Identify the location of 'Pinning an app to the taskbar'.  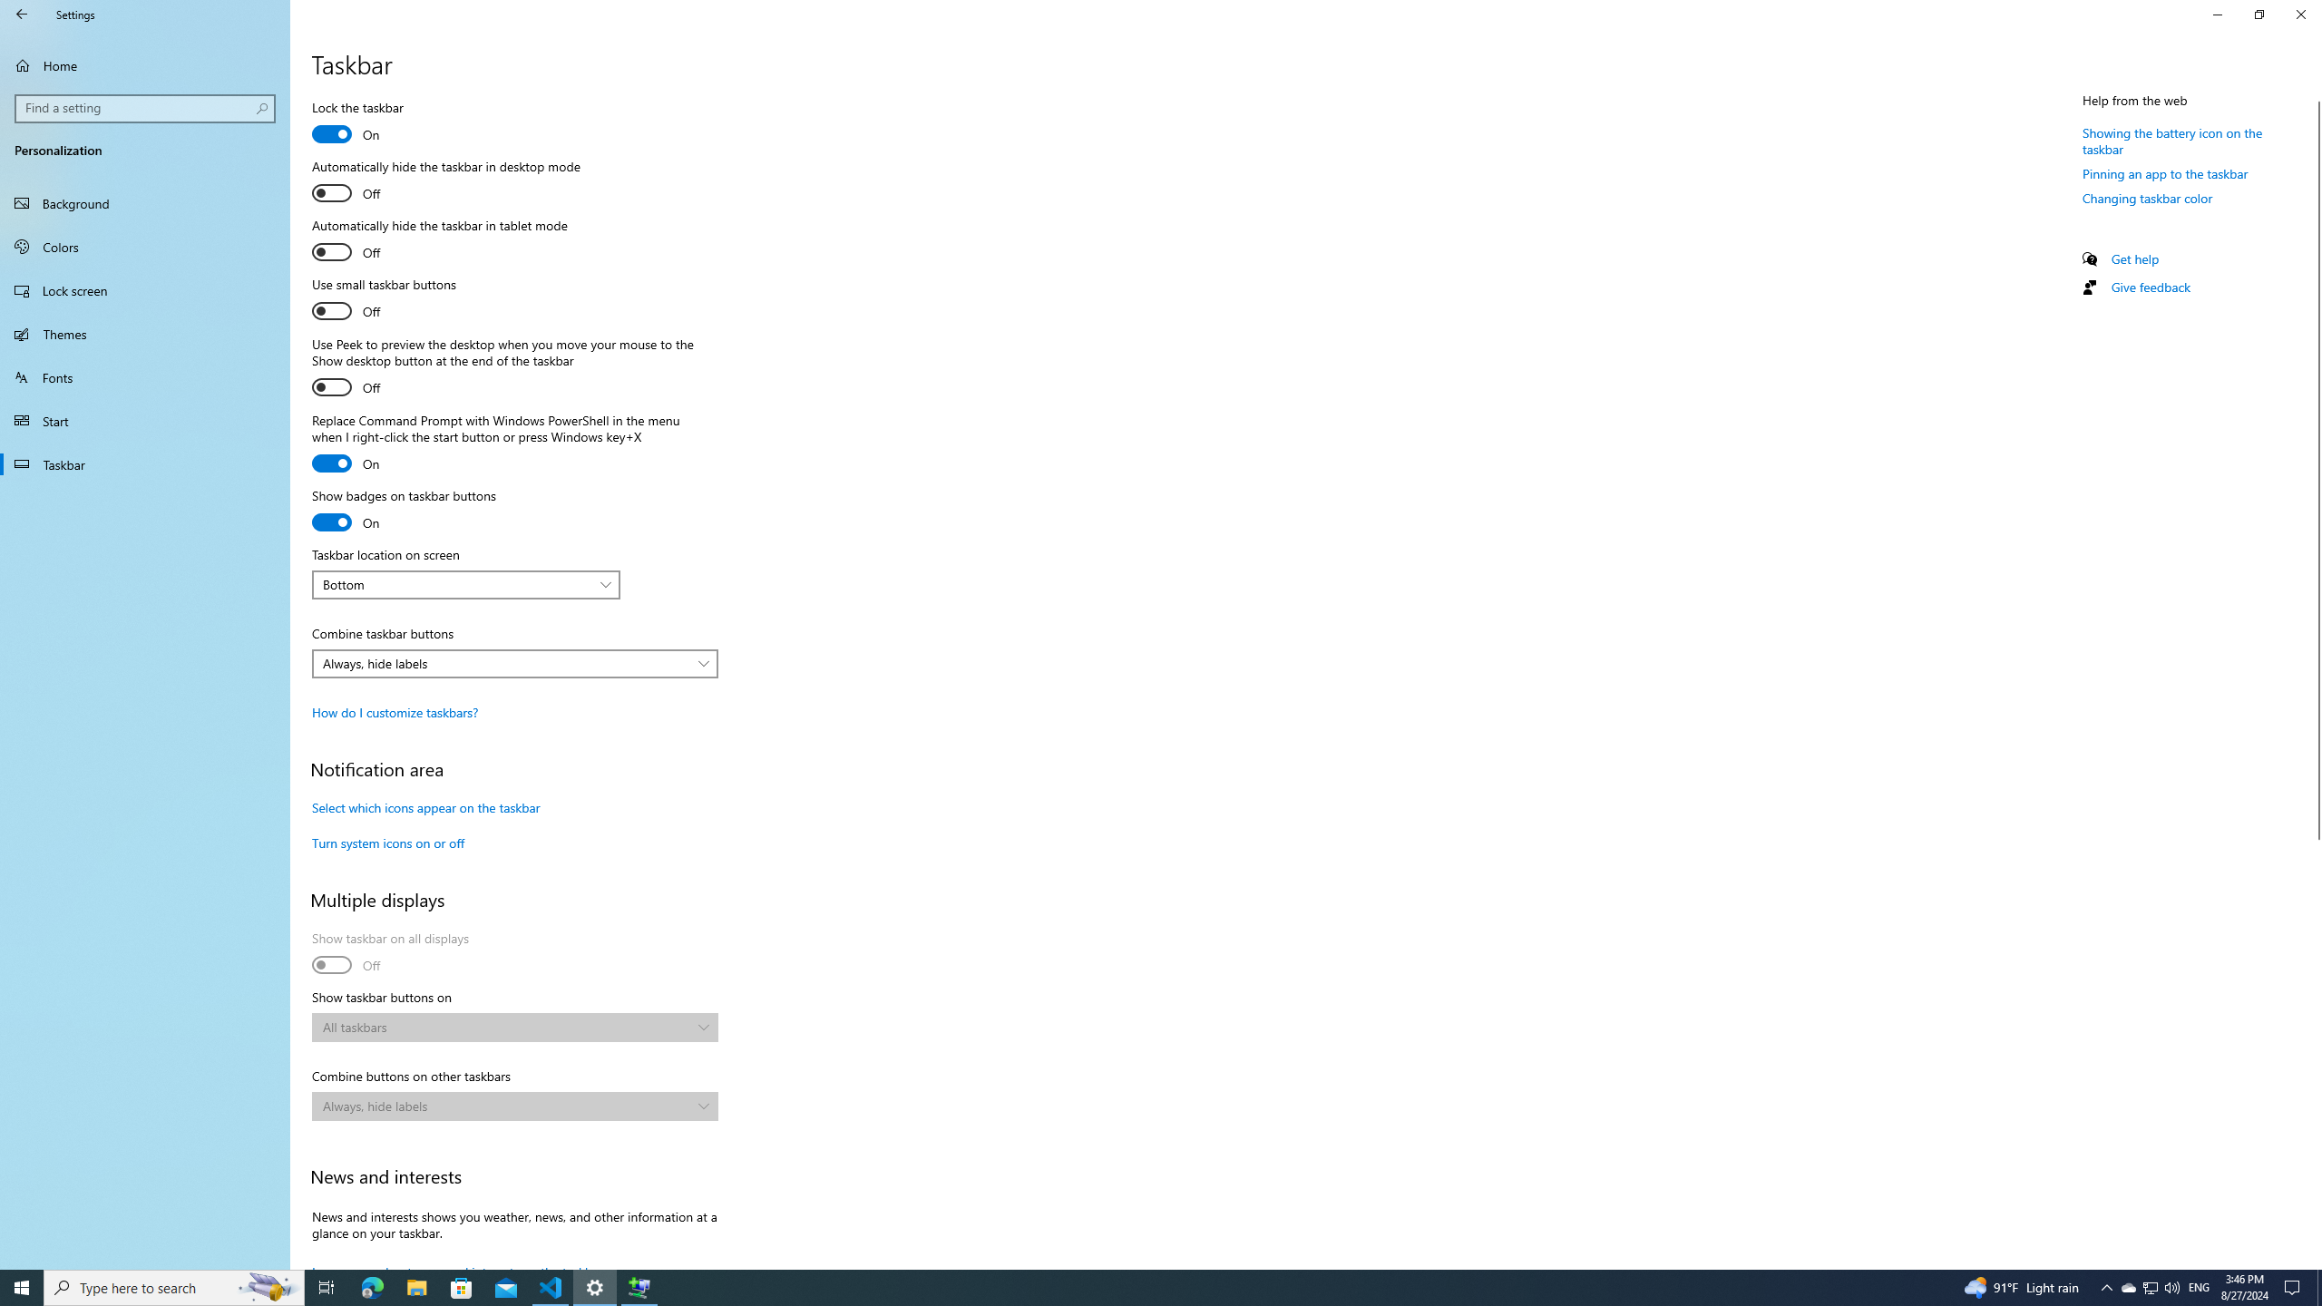
(2164, 173).